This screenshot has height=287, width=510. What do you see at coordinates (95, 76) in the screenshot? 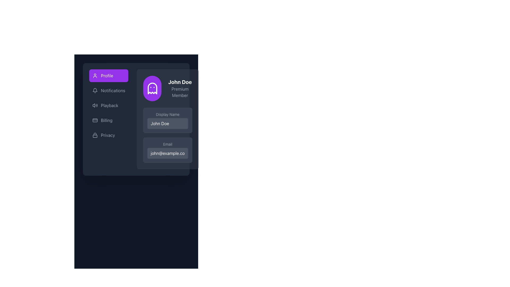
I see `the appearance of the circular user icon in line art style, located at the beginning of the 'Profile' button with a purple background` at bounding box center [95, 76].